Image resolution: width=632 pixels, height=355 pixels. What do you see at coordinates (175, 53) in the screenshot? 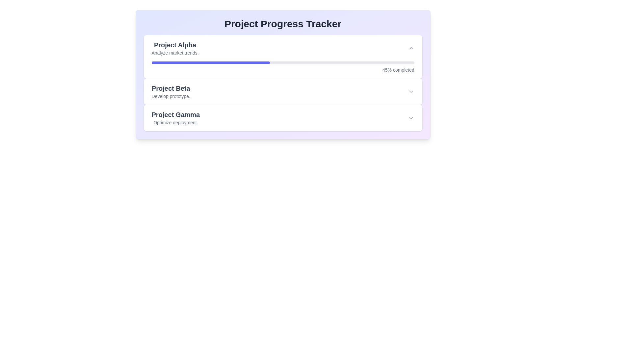
I see `the text label that says 'Analyze market trends.' located below the title 'Project Alpha.'` at bounding box center [175, 53].